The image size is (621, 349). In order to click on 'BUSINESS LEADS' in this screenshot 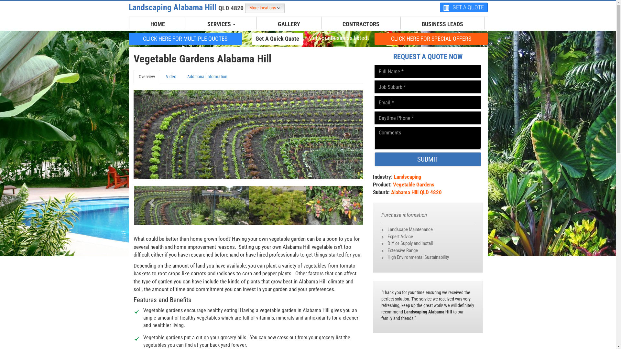, I will do `click(442, 24)`.